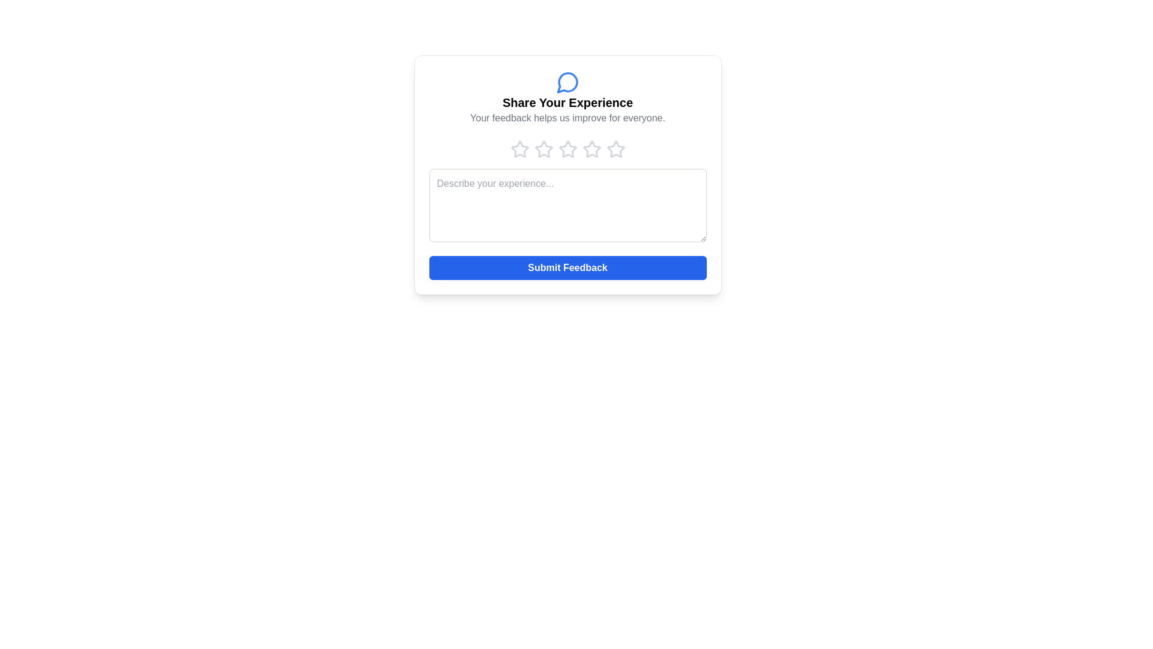 The width and height of the screenshot is (1153, 649). Describe the element at coordinates (566, 82) in the screenshot. I see `the speech bubble icon, which is a vector graphic resembling a minimalist speech bubble with a blue outline and white fill, located above the main heading 'Share Your Experience'` at that location.